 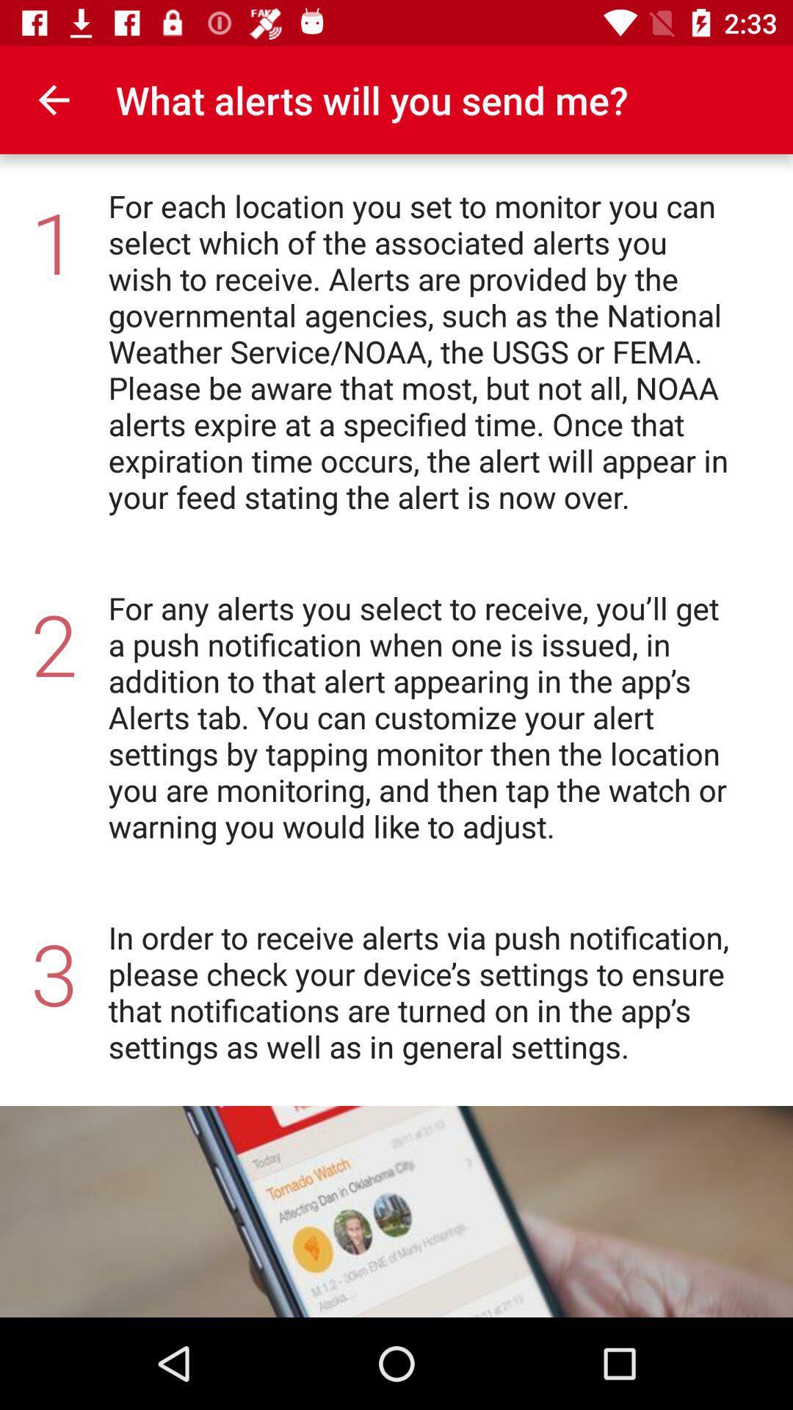 What do you see at coordinates (53, 99) in the screenshot?
I see `item above the 1 item` at bounding box center [53, 99].